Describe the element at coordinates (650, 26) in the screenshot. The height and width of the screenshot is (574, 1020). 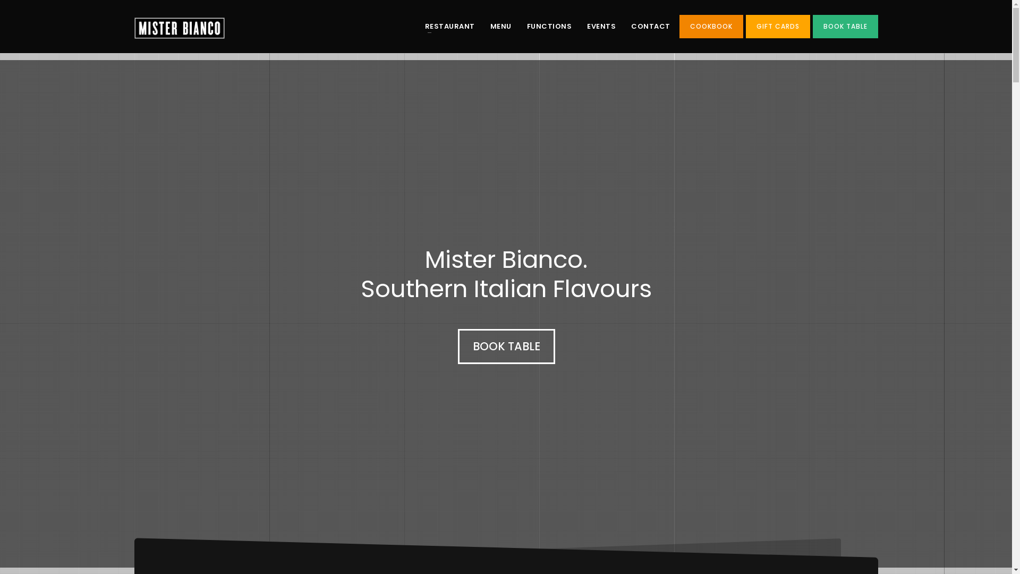
I see `'CONTACT'` at that location.